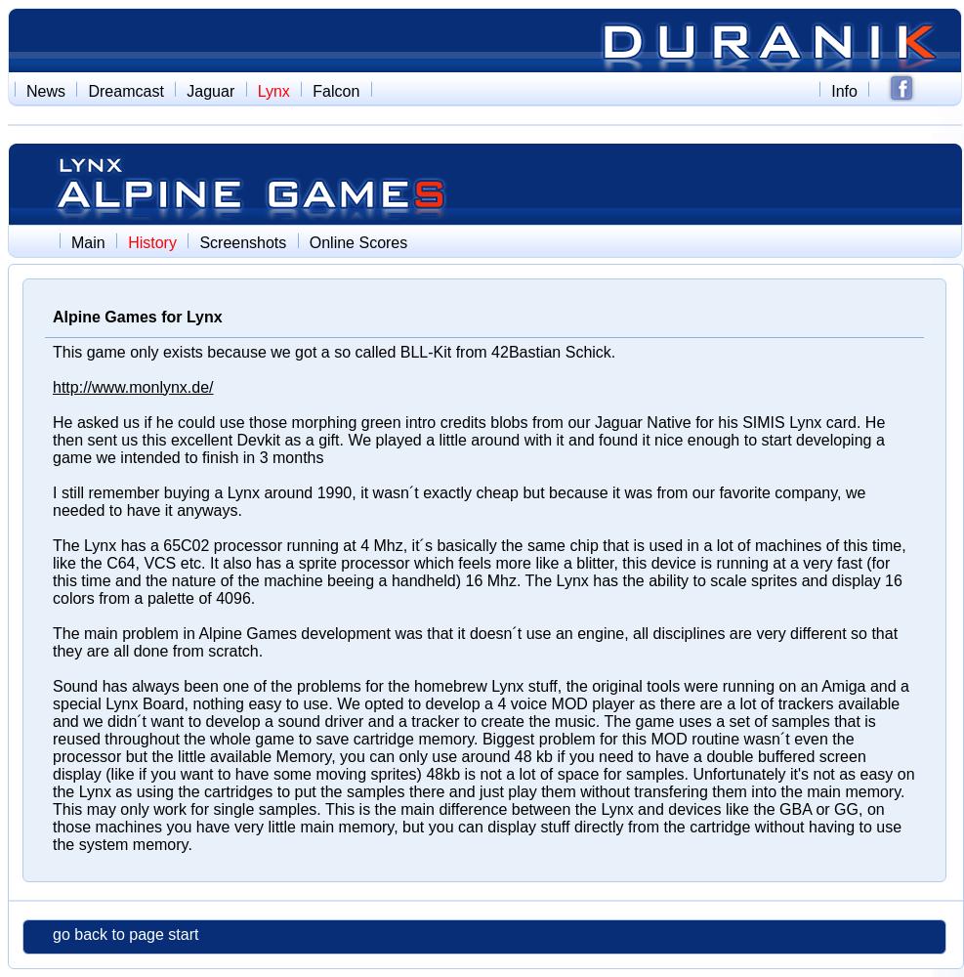 The height and width of the screenshot is (977, 964). What do you see at coordinates (133, 386) in the screenshot?
I see `'http://www.monlynx.de/'` at bounding box center [133, 386].